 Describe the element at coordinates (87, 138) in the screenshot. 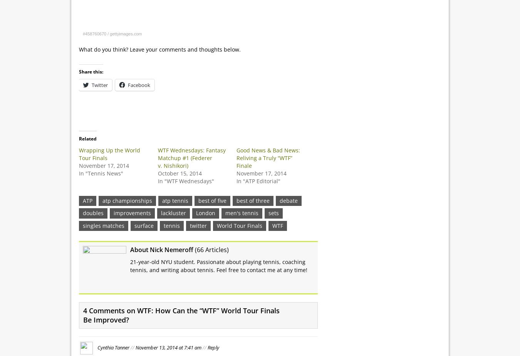

I see `'Related'` at that location.